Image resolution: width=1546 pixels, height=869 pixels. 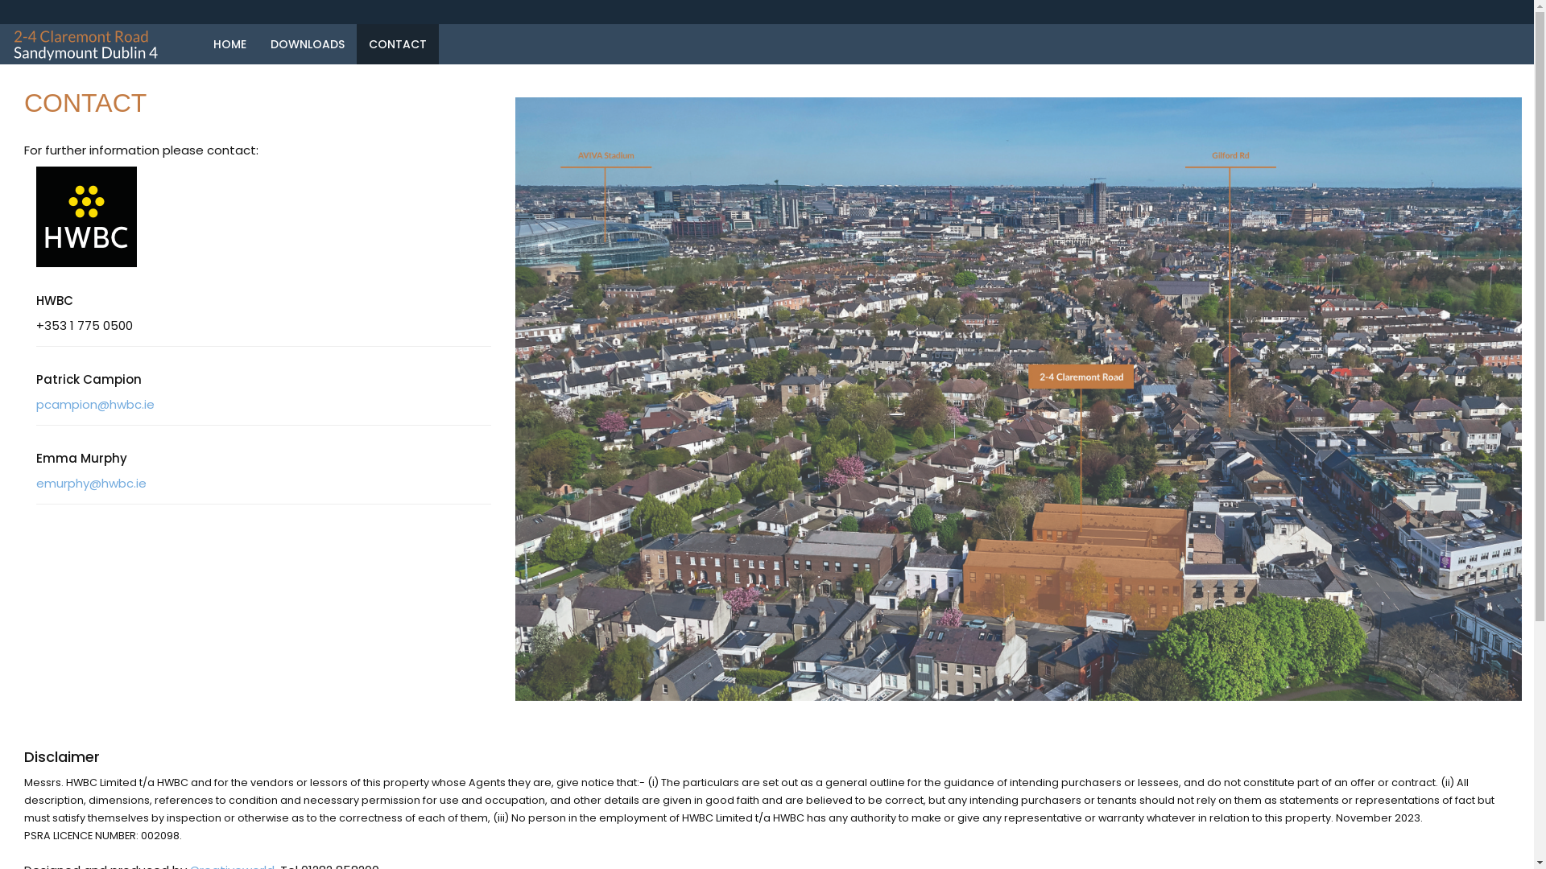 I want to click on 'CONTACT', so click(x=398, y=43).